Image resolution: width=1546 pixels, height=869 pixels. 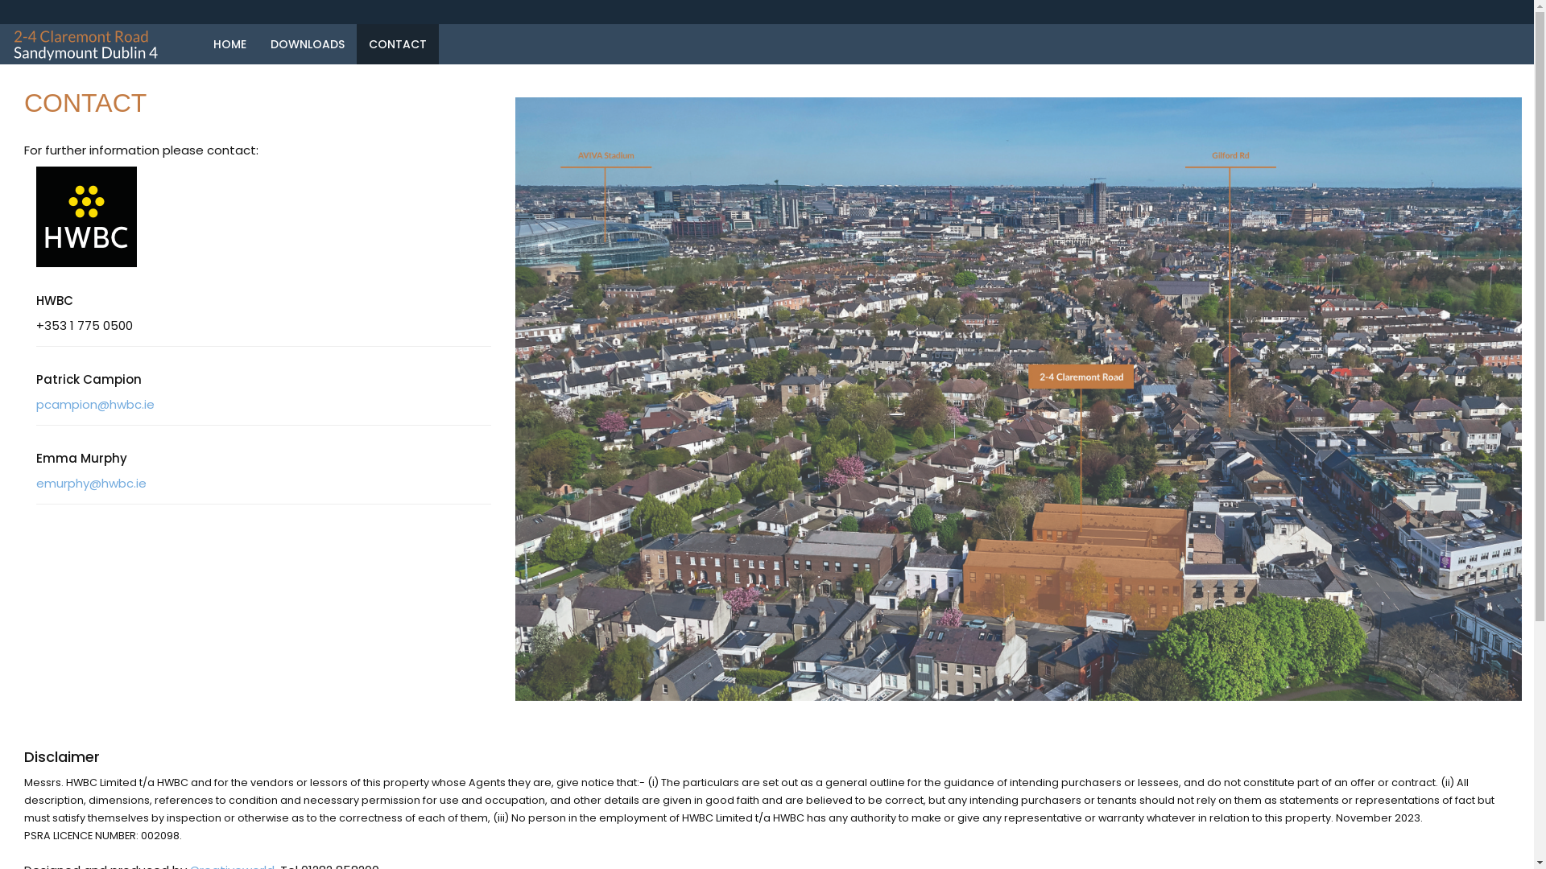 I want to click on 'CONTACT', so click(x=398, y=43).